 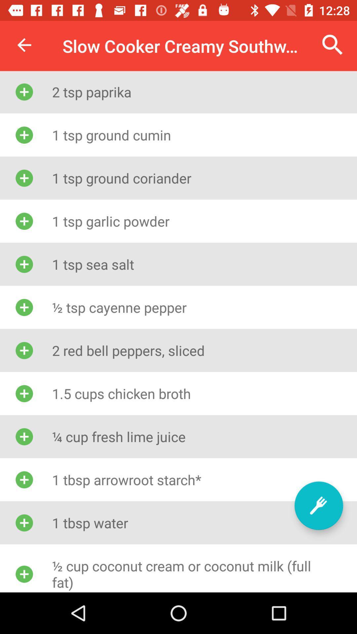 What do you see at coordinates (24, 45) in the screenshot?
I see `the item to the left of the slow cooker creamy item` at bounding box center [24, 45].